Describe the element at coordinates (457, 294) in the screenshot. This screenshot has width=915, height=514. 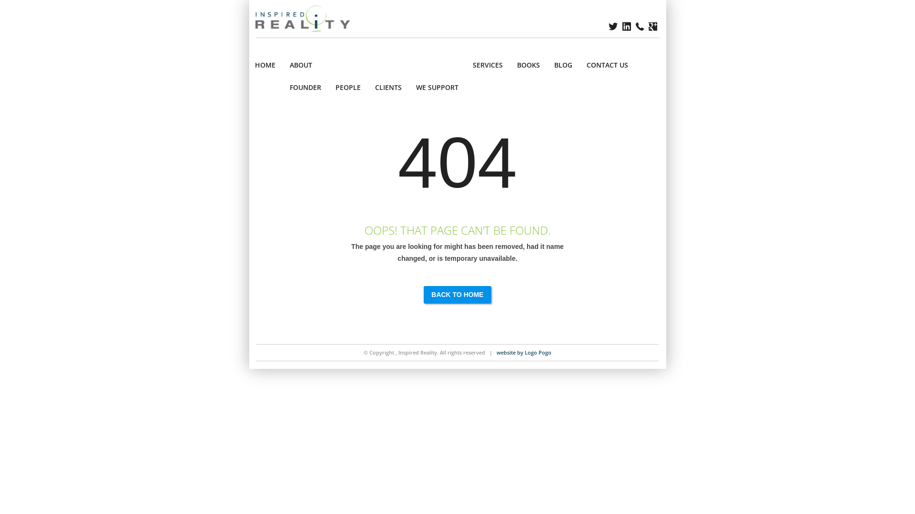
I see `'BACK TO HOME'` at that location.